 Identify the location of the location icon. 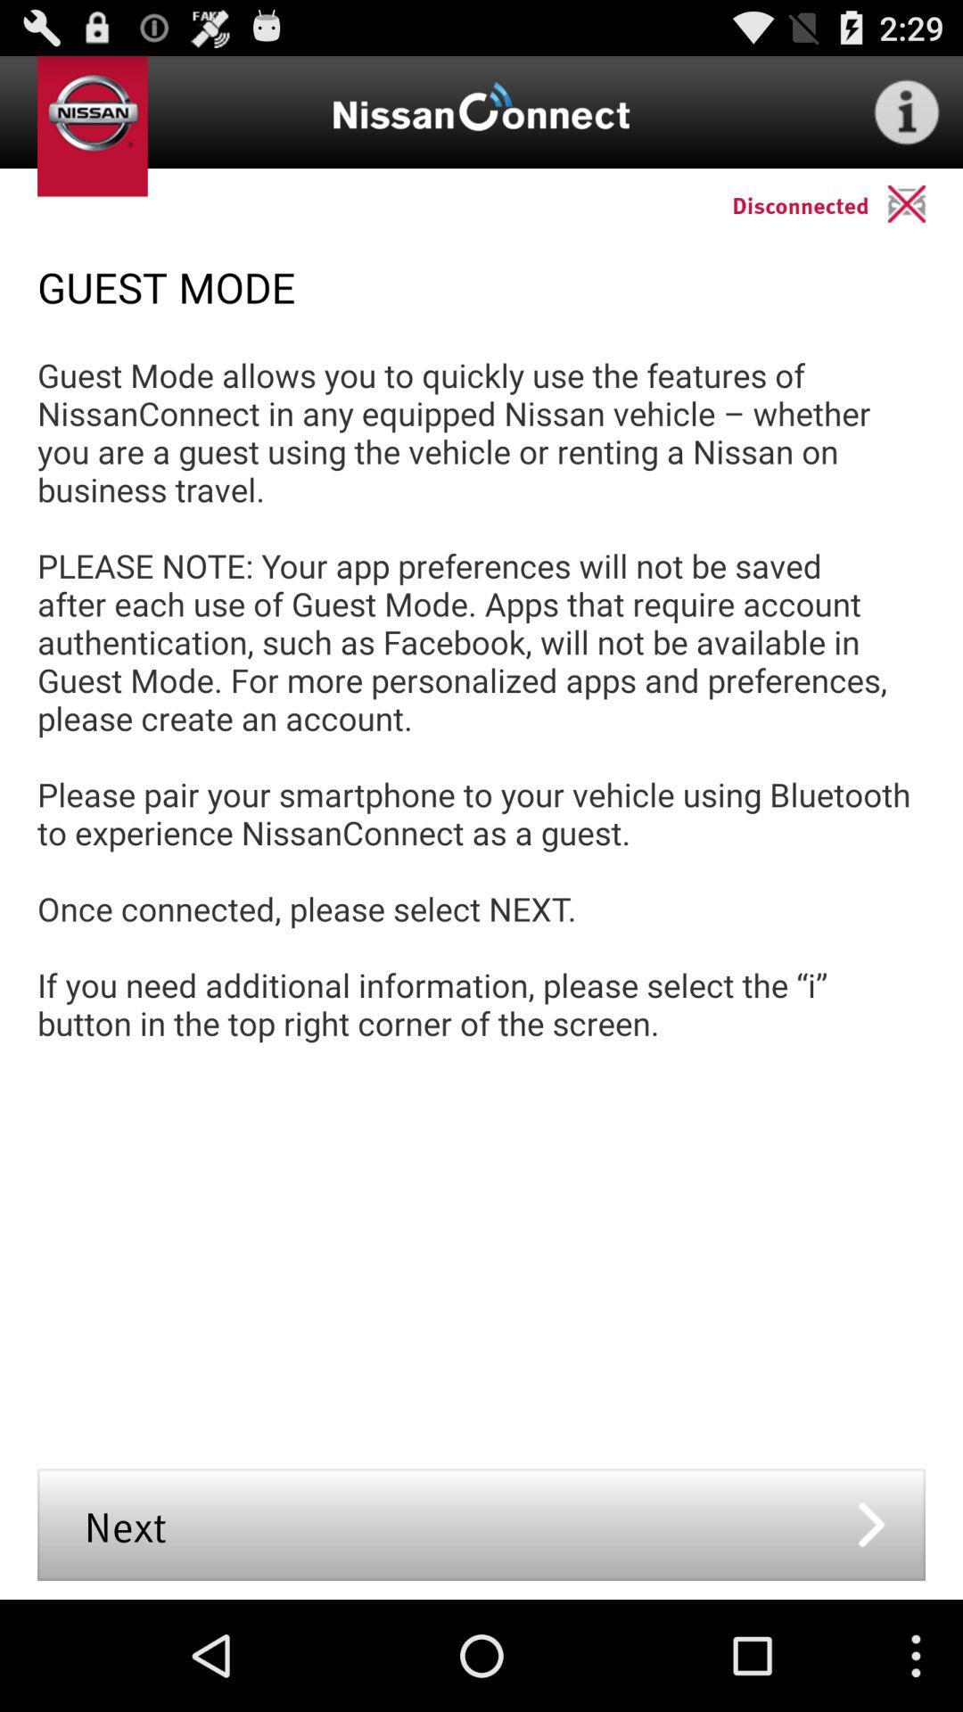
(924, 217).